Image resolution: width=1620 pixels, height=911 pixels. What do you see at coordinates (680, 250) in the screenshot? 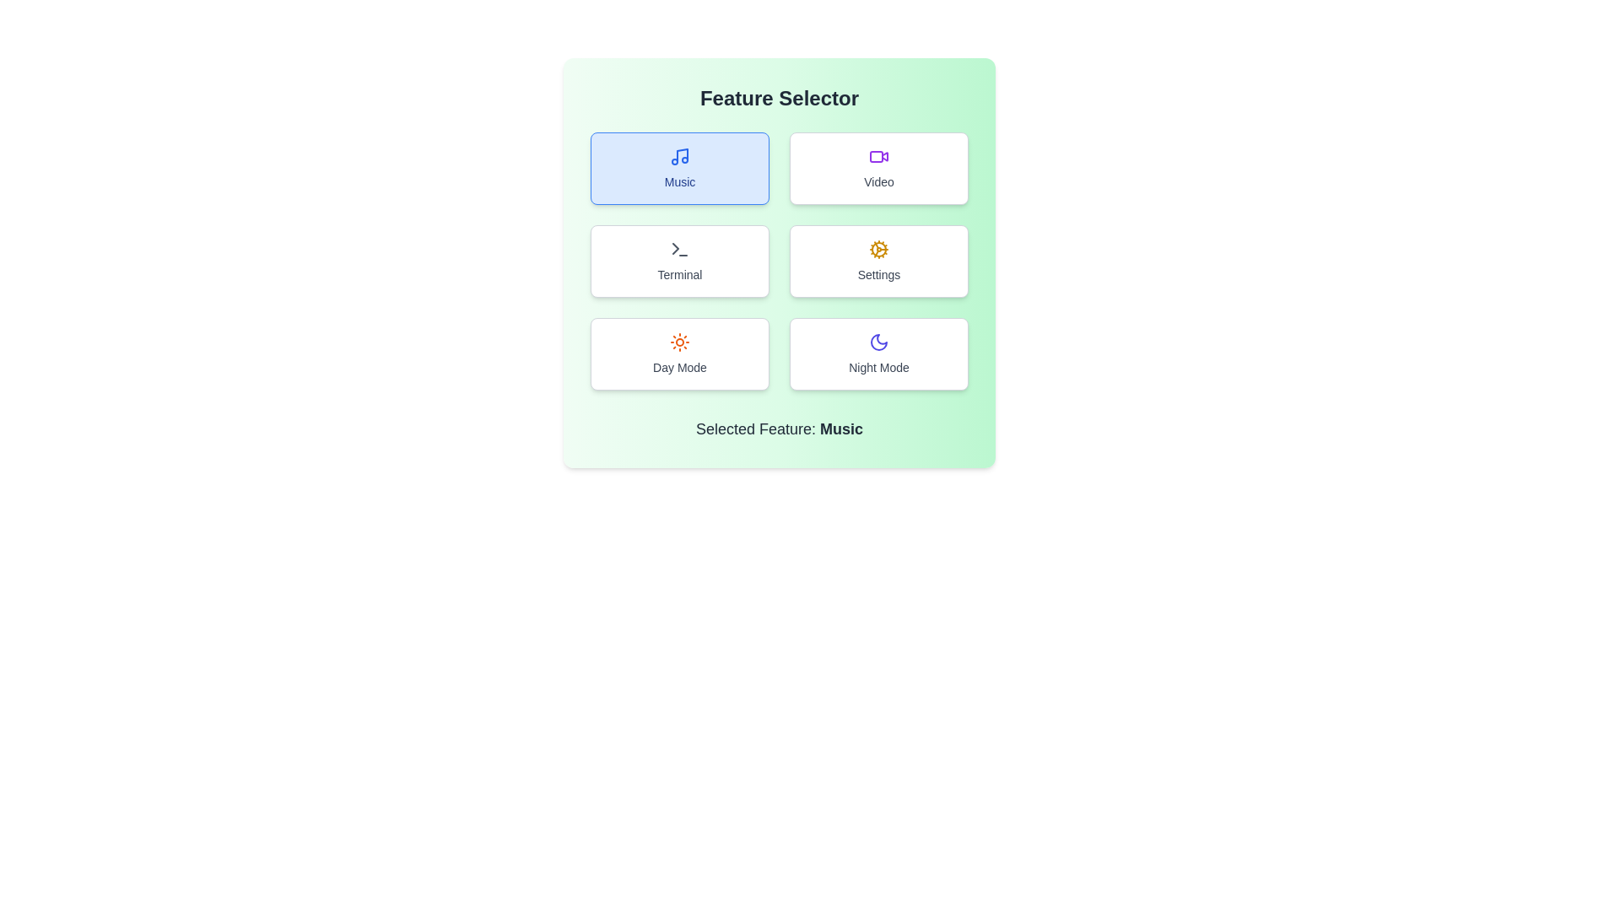
I see `the SVG icon representing the 'Terminal' feature` at bounding box center [680, 250].